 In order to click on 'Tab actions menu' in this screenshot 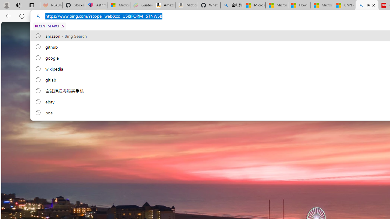, I will do `click(31, 5)`.